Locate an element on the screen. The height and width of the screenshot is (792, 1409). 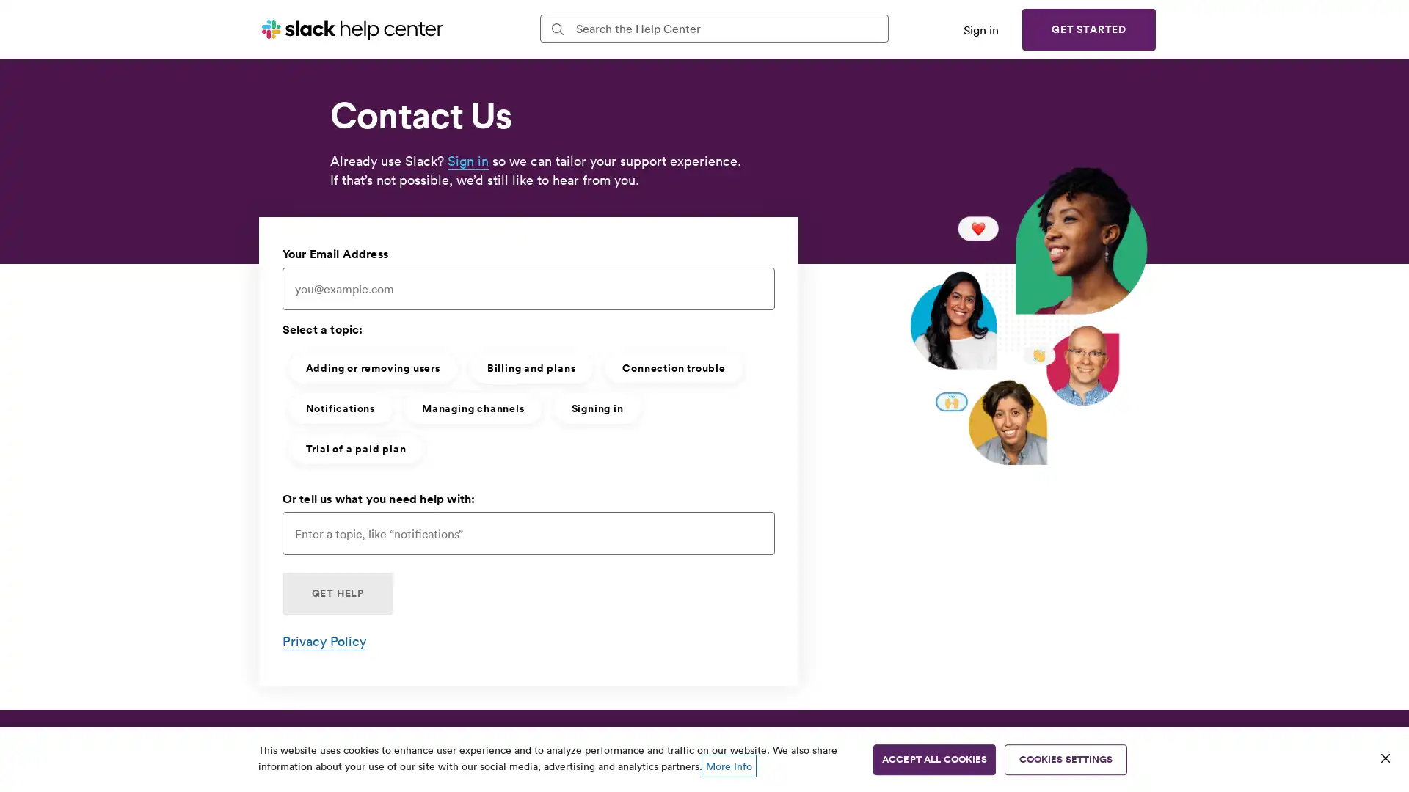
Signing in is located at coordinates (597, 407).